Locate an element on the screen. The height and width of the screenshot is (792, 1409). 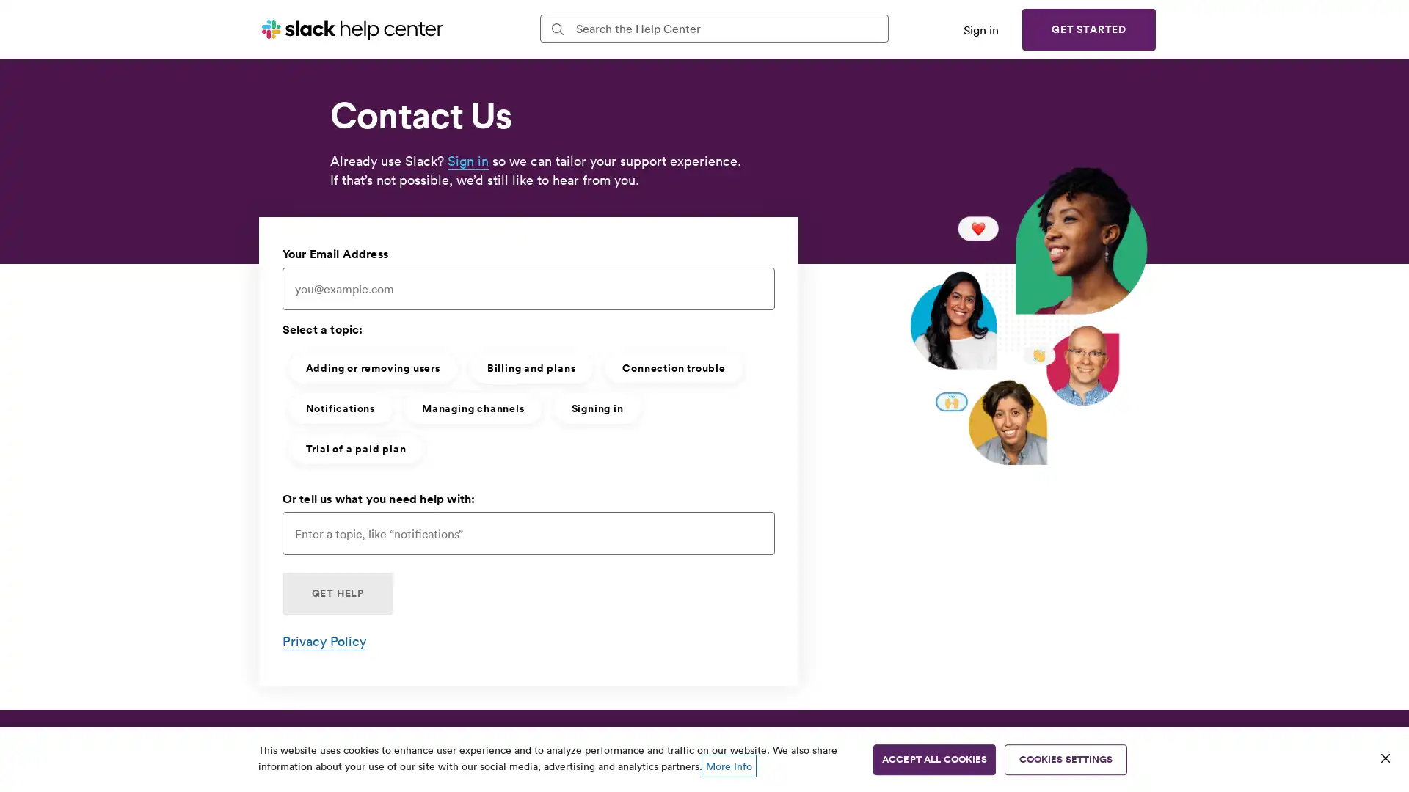
Signing in is located at coordinates (597, 407).